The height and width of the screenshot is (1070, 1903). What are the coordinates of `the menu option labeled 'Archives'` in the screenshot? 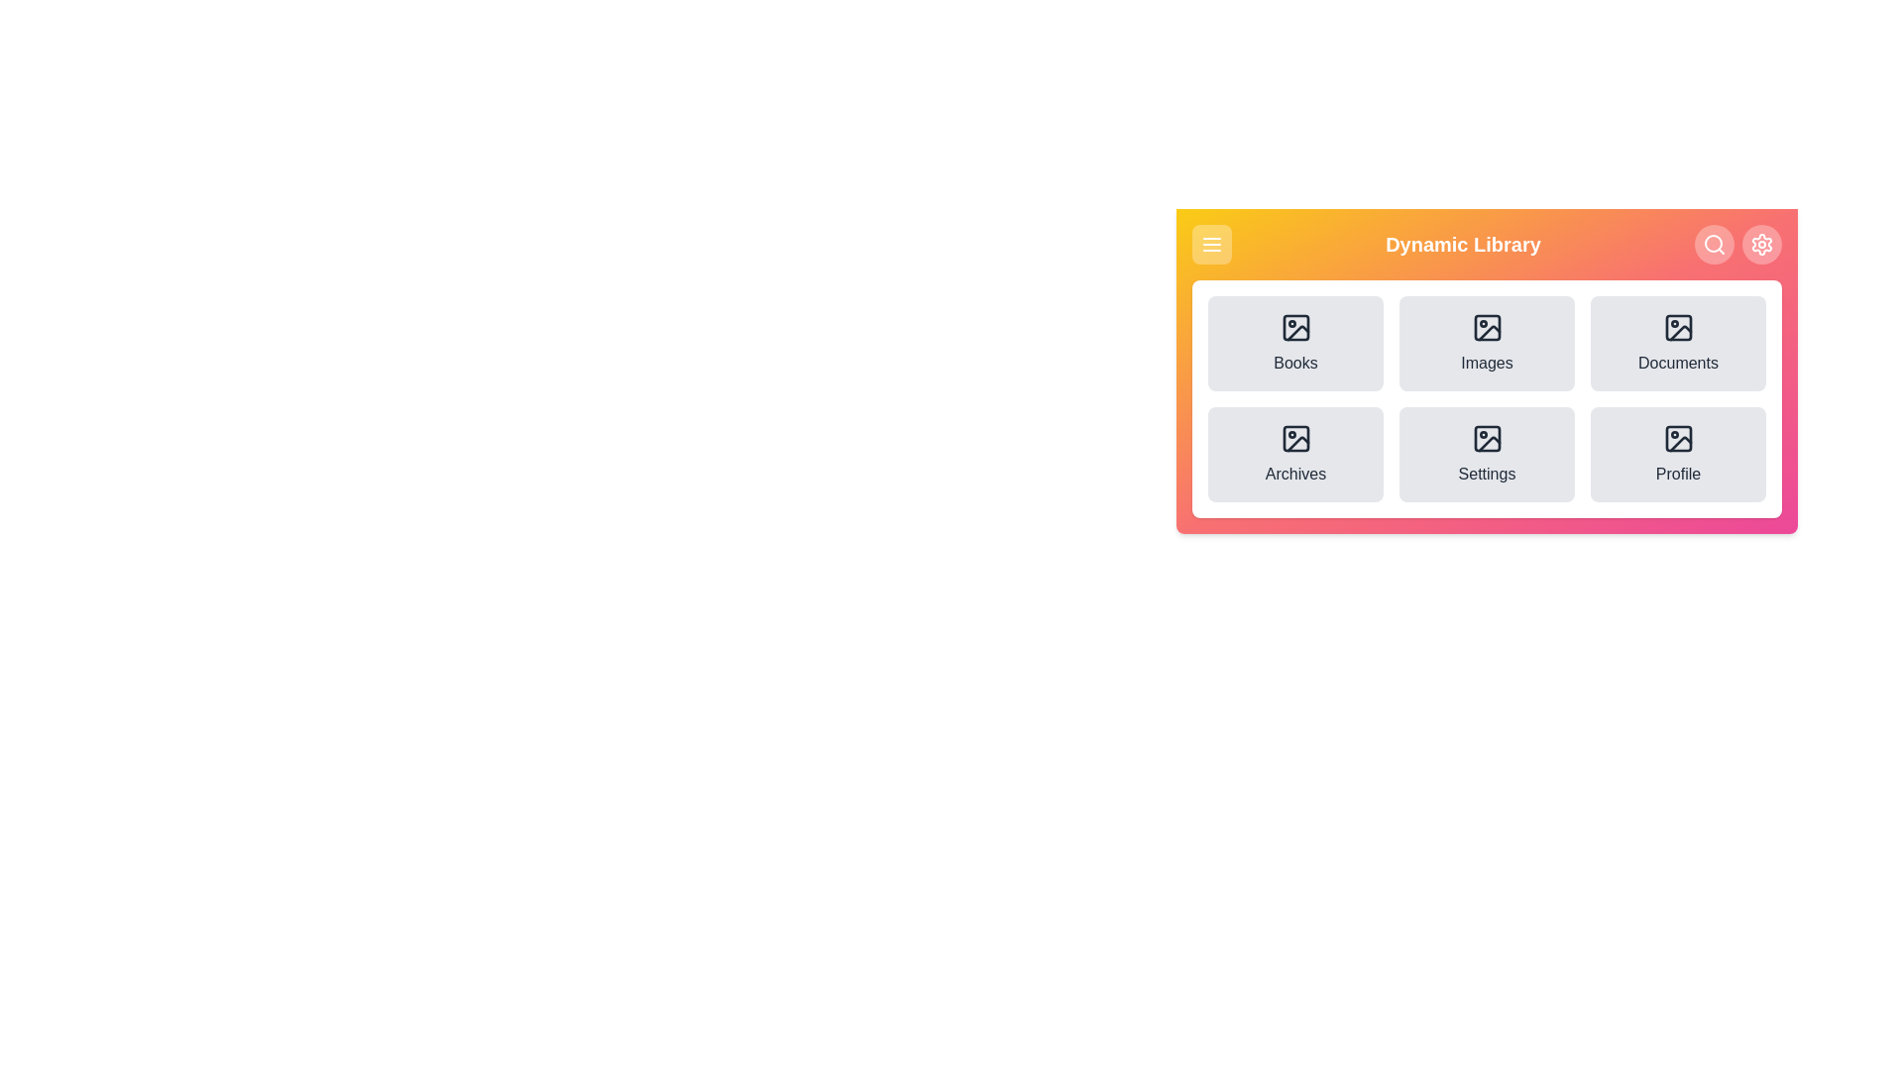 It's located at (1295, 455).